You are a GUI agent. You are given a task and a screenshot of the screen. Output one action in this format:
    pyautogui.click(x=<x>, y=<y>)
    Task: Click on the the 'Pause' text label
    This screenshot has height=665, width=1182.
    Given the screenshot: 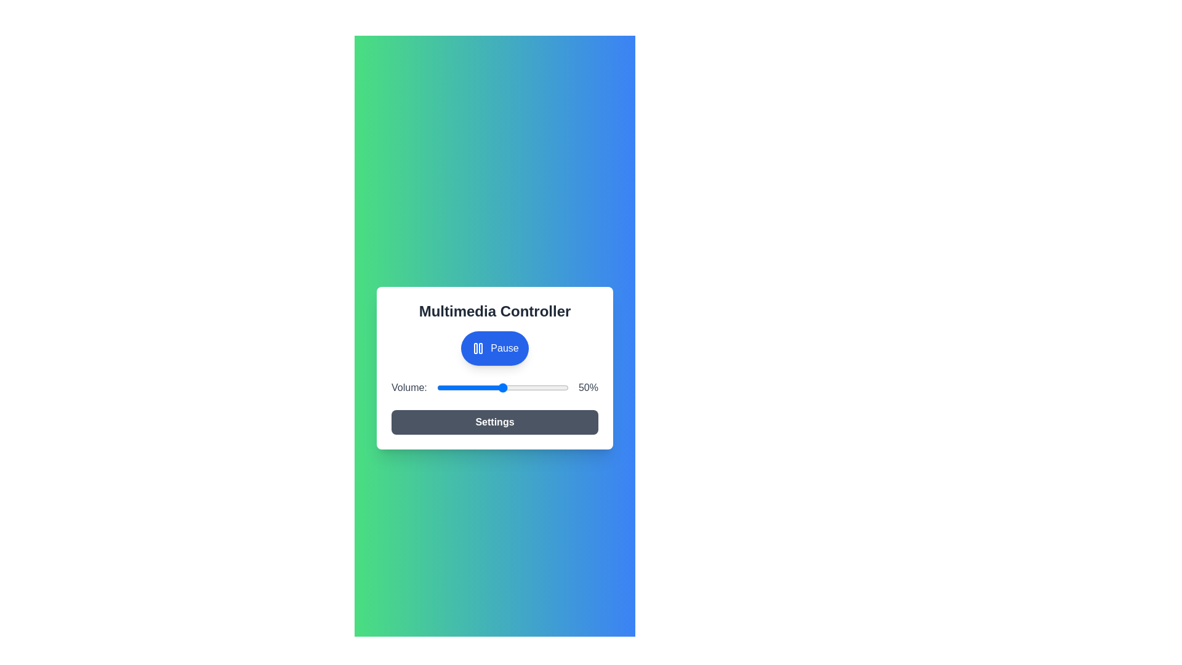 What is the action you would take?
    pyautogui.click(x=505, y=349)
    